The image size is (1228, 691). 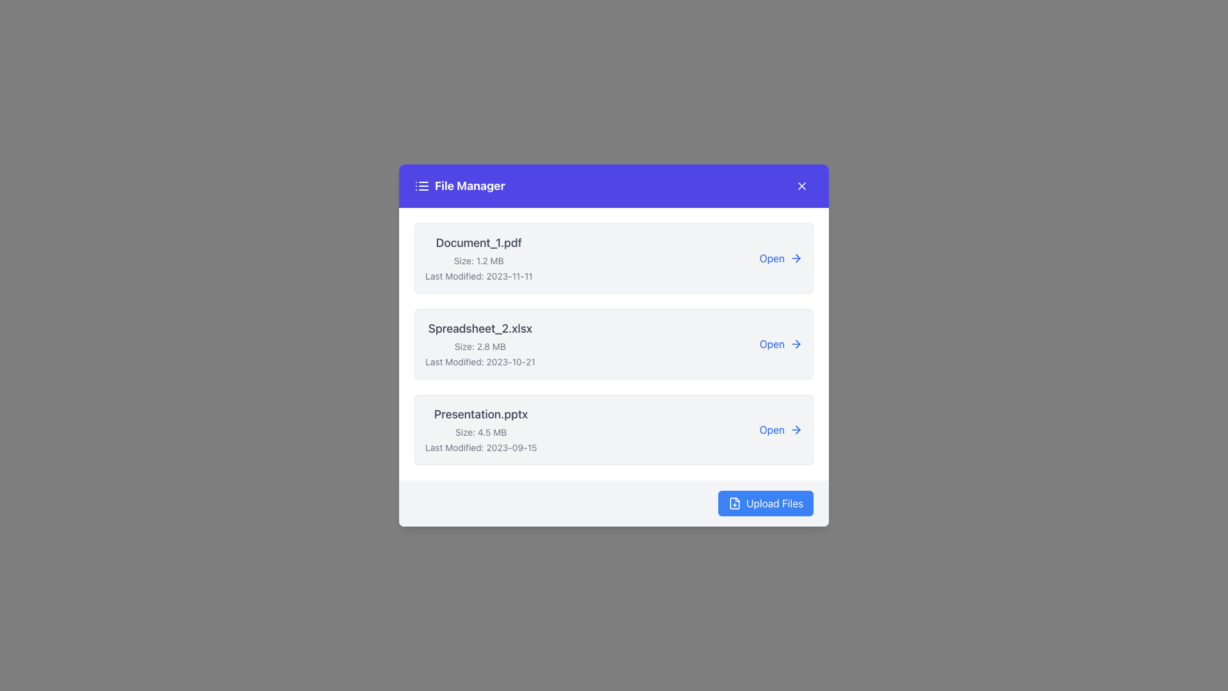 What do you see at coordinates (422, 186) in the screenshot?
I see `the list icon represented by three horizontal lines with dots to its left, located in the purple banner at the top of the modal window` at bounding box center [422, 186].